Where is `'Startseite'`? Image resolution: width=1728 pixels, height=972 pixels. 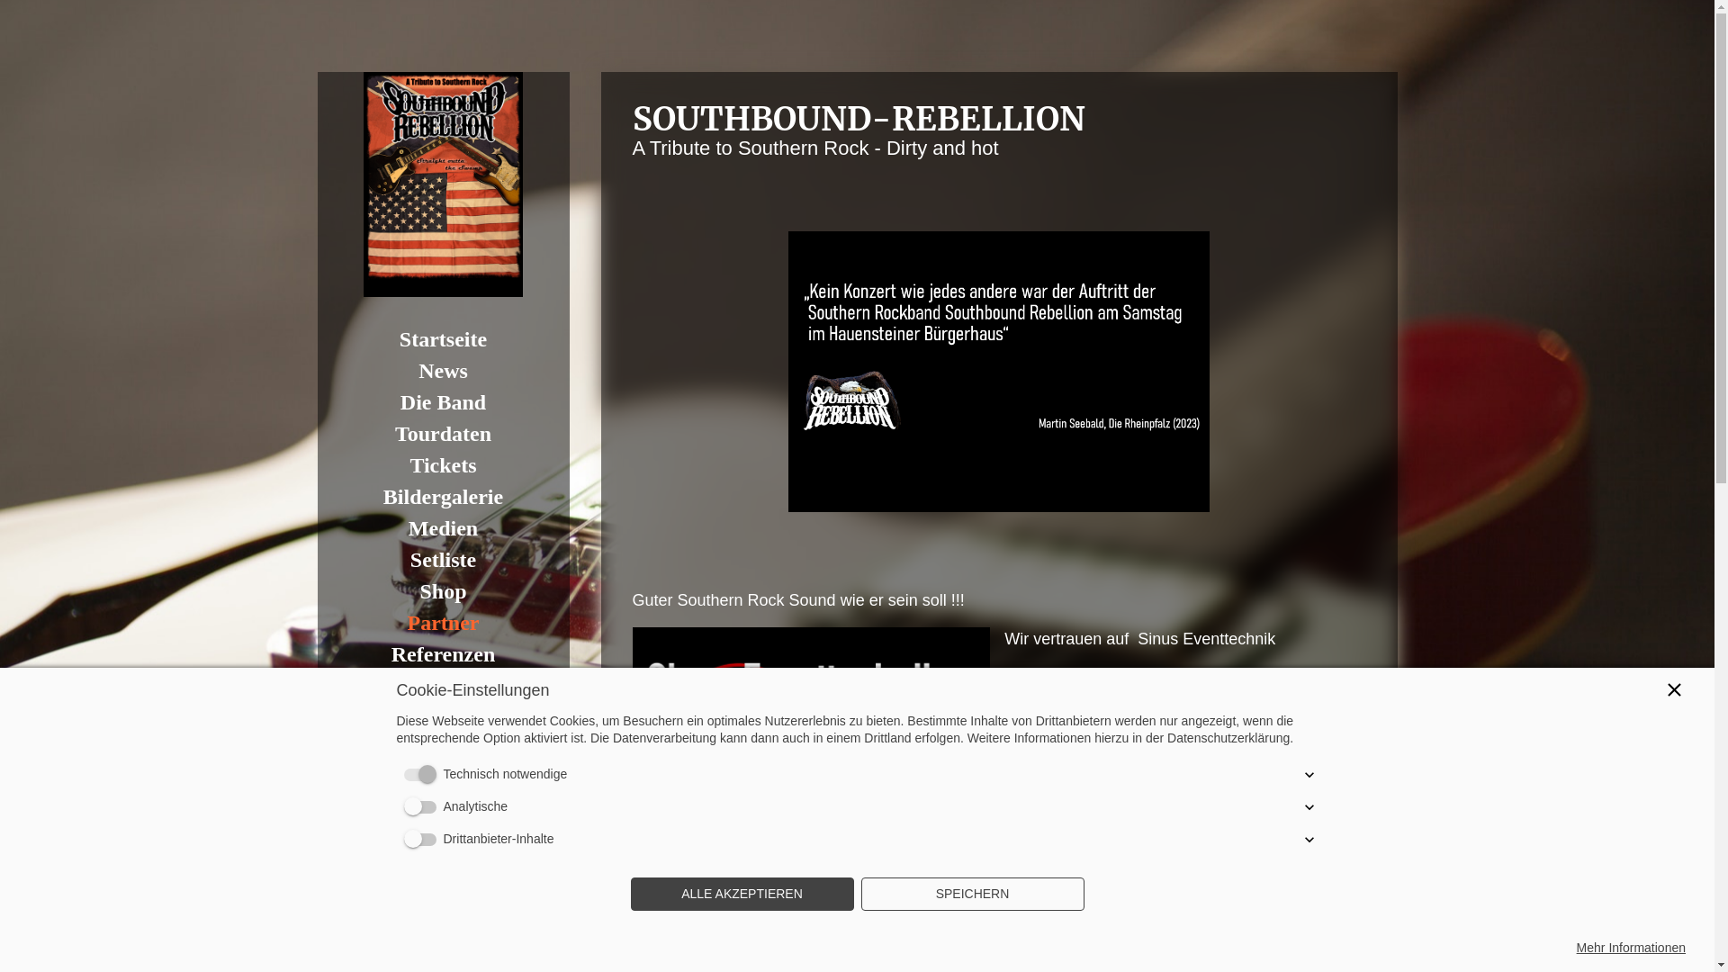
'Startseite' is located at coordinates (442, 339).